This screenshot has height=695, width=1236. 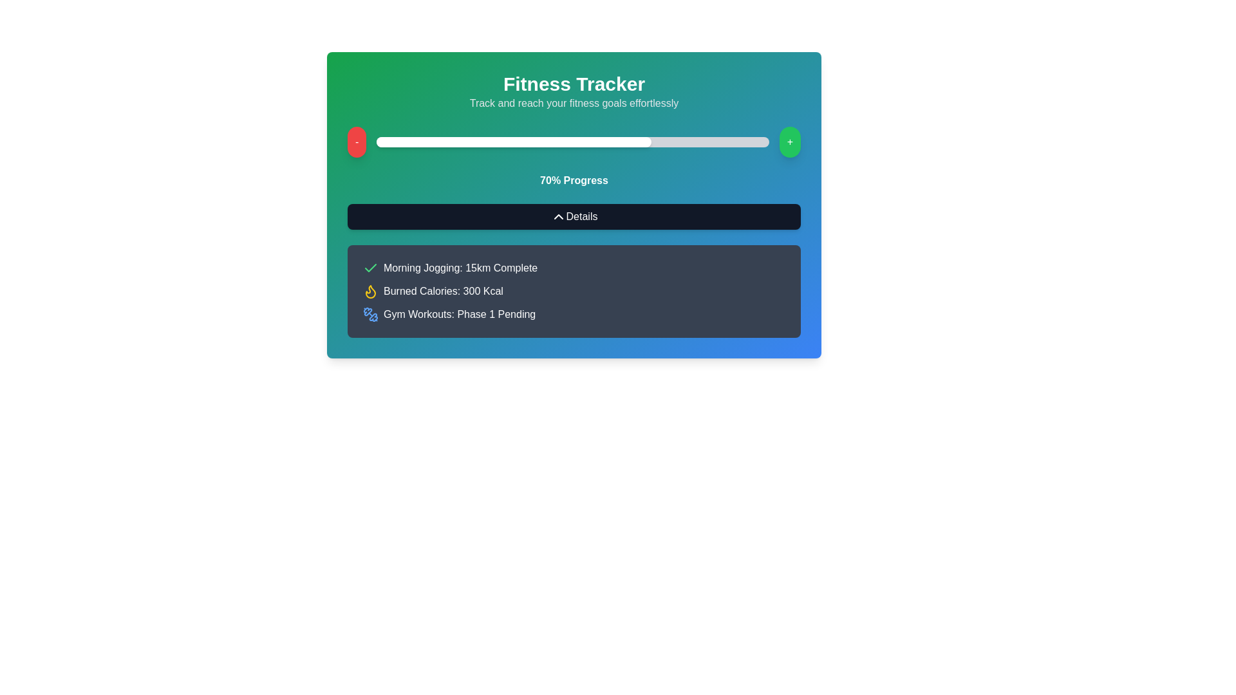 What do you see at coordinates (693, 142) in the screenshot?
I see `progress` at bounding box center [693, 142].